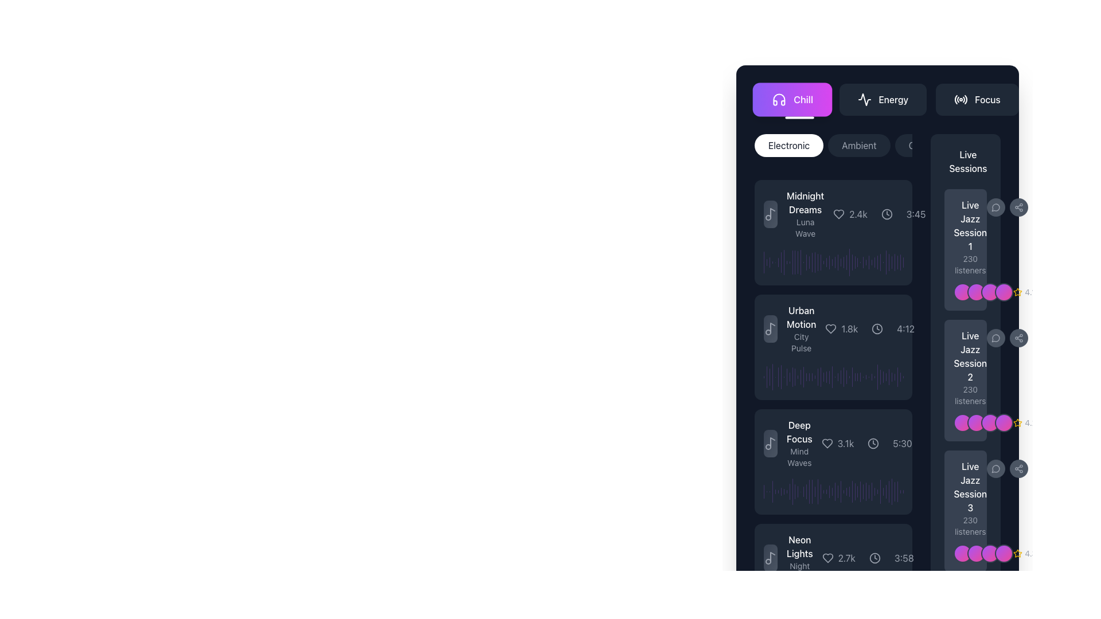  I want to click on the graphical visualization bar, a thin vertical bar with rounded ends, styled in purple with partial transparency, located to the right of the 'Deep Focus' section, so click(866, 491).